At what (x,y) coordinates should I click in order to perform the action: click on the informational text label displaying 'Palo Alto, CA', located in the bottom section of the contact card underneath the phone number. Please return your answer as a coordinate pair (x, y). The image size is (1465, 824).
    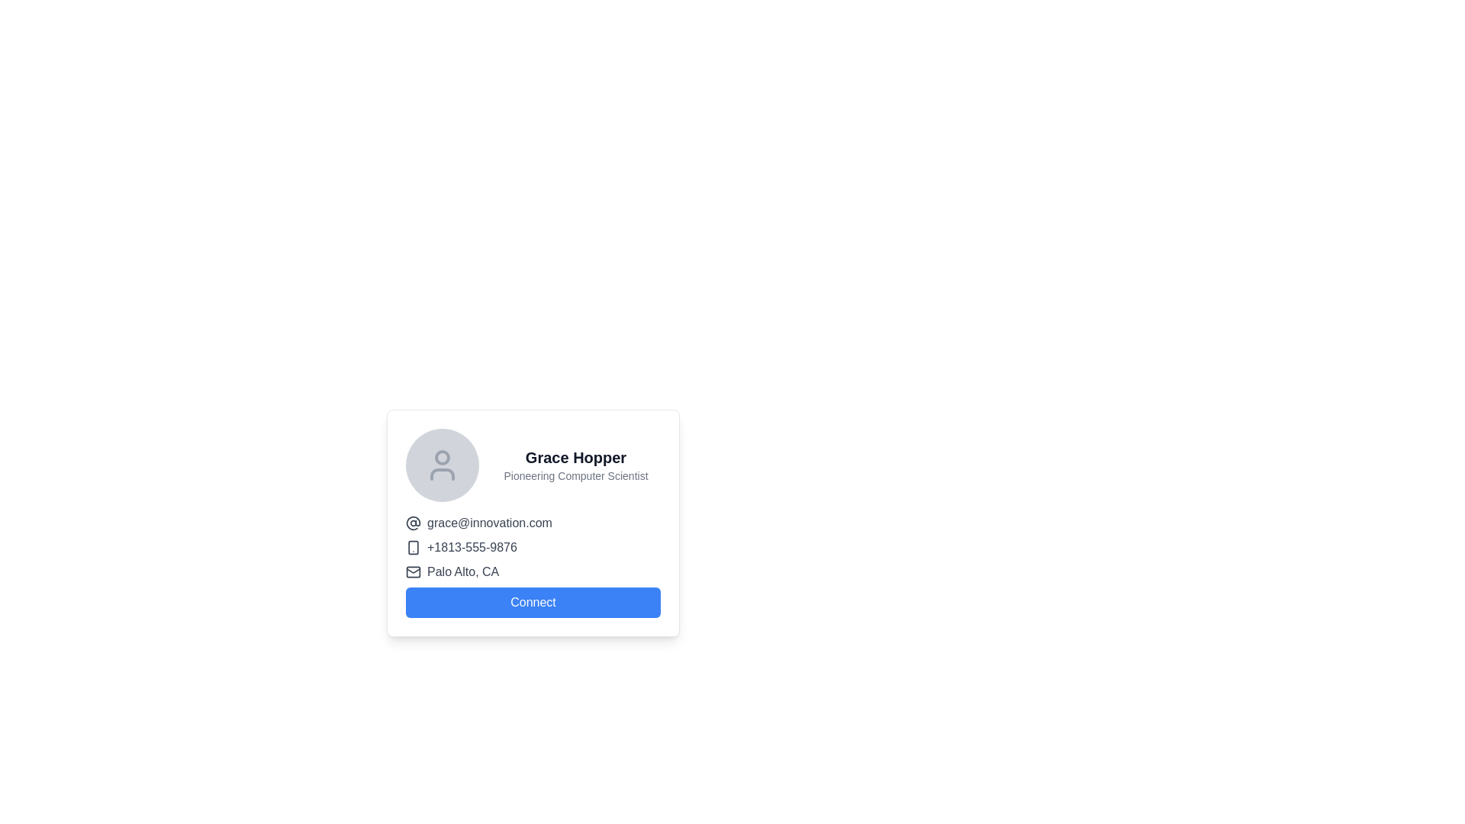
    Looking at the image, I should click on (462, 571).